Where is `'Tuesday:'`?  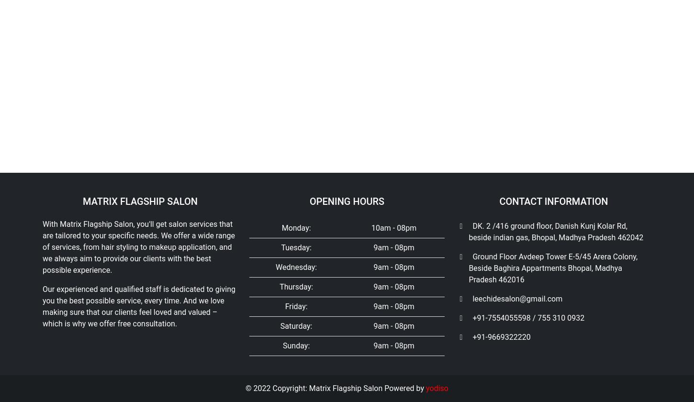 'Tuesday:' is located at coordinates (280, 7).